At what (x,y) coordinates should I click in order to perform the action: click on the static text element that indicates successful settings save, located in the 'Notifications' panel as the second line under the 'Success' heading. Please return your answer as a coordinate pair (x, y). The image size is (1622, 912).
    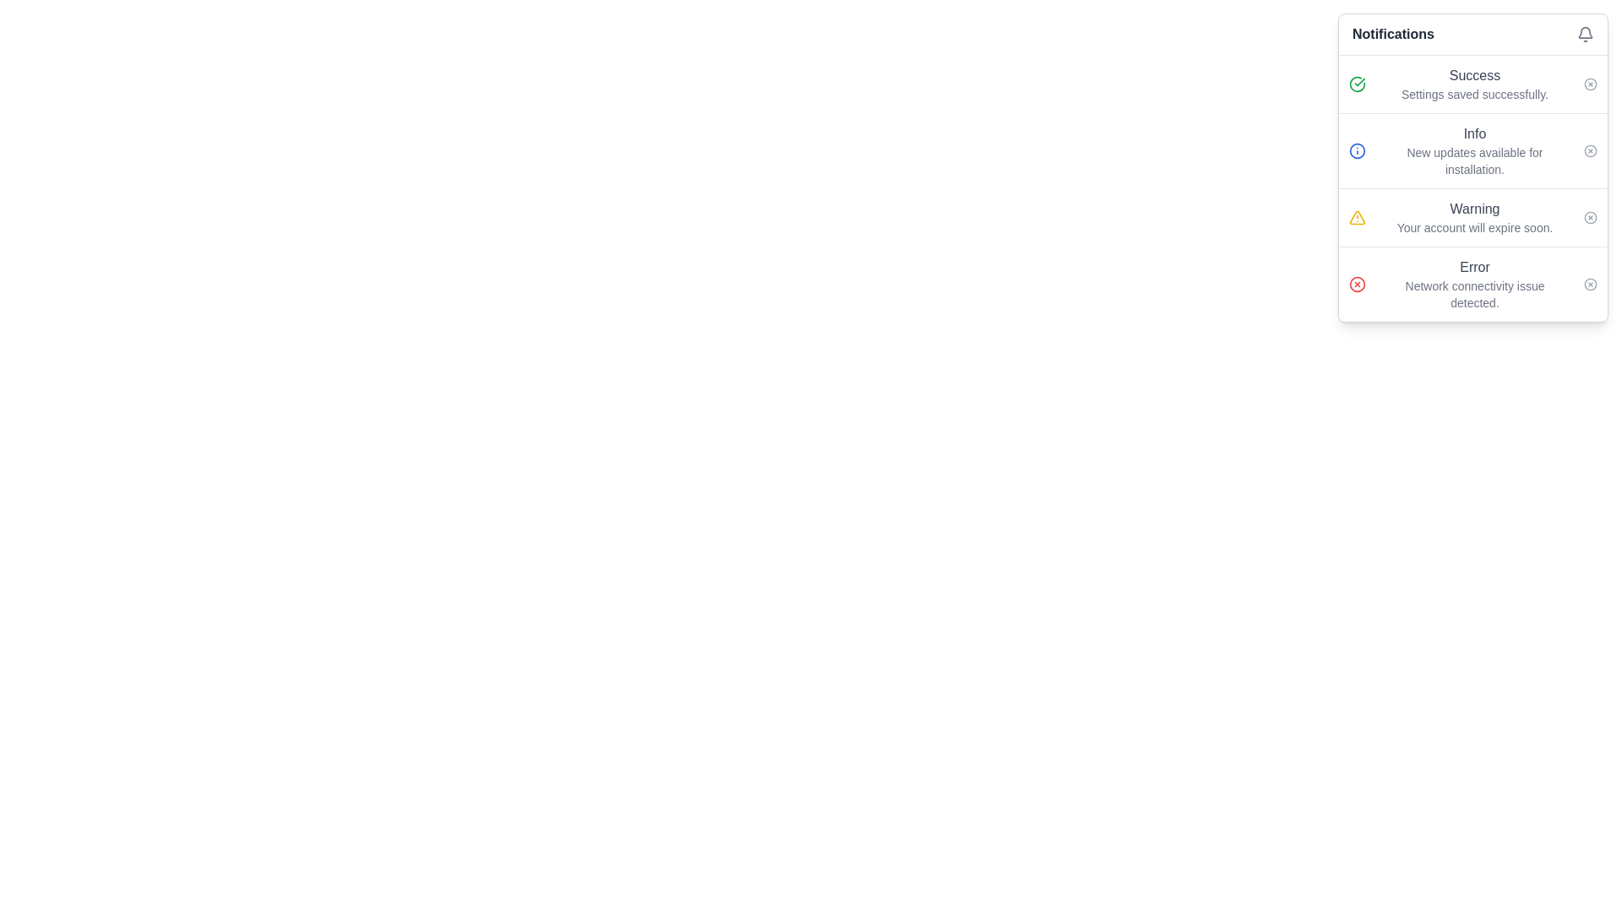
    Looking at the image, I should click on (1474, 94).